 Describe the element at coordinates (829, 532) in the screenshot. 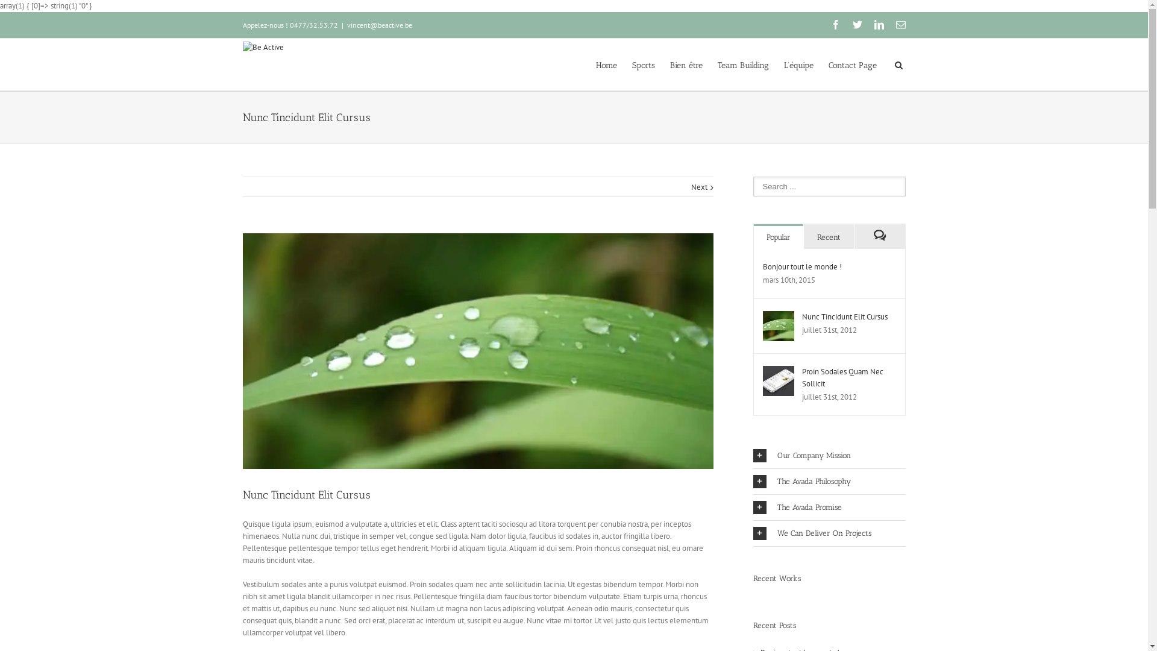

I see `'We Can Deliver On Projects'` at that location.